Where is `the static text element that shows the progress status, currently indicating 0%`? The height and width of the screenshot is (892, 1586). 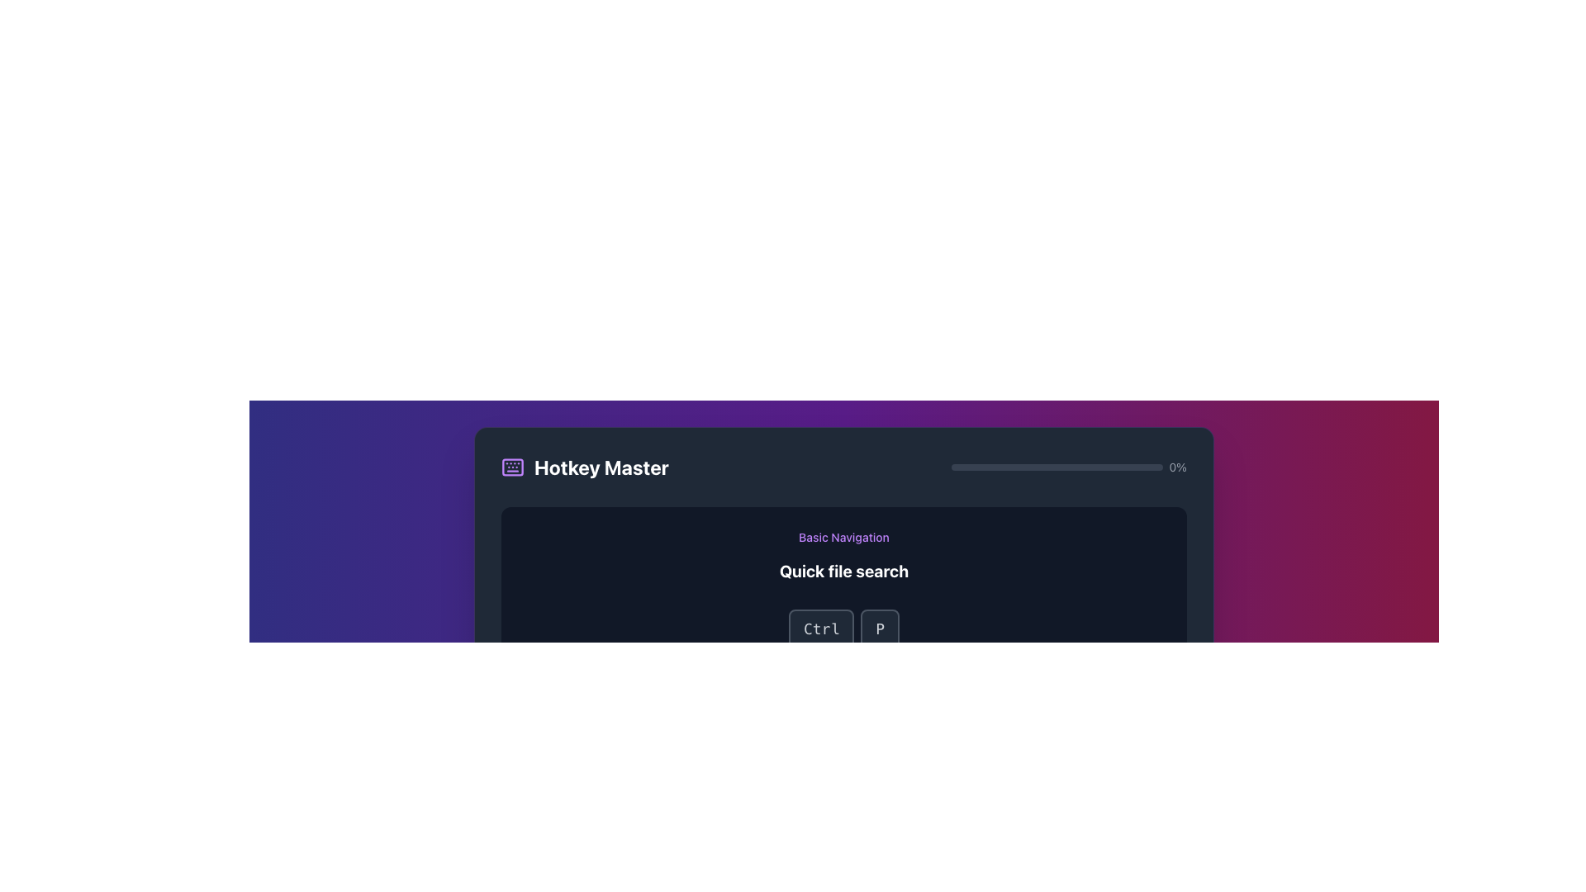 the static text element that shows the progress status, currently indicating 0% is located at coordinates (1177, 467).